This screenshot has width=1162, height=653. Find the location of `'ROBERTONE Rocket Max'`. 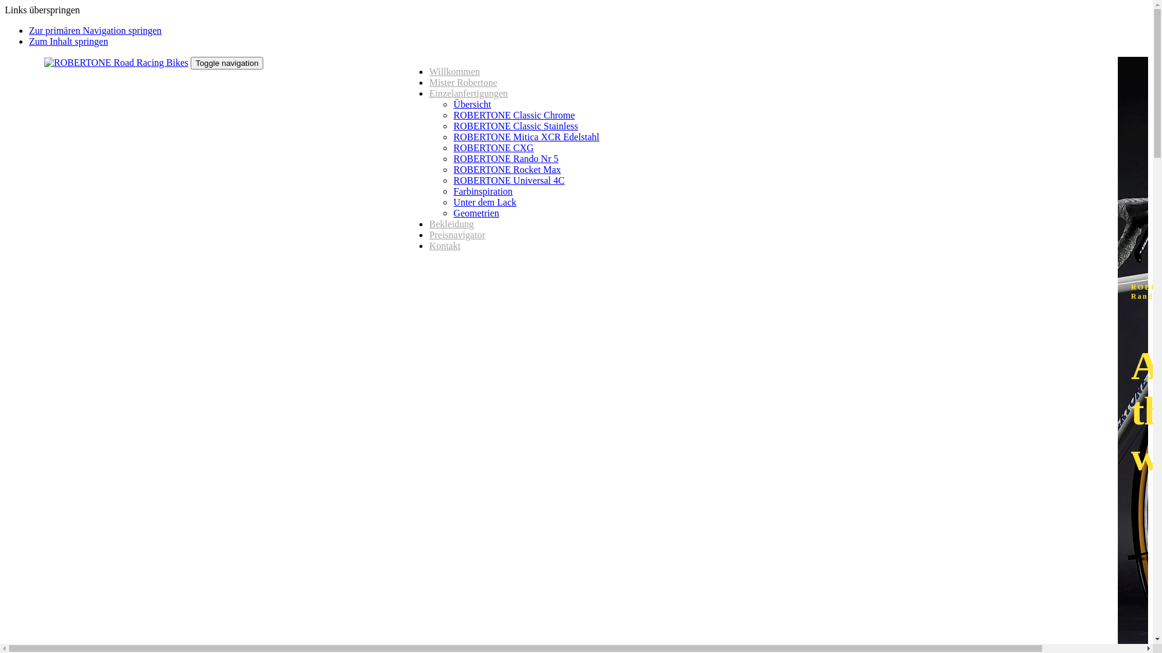

'ROBERTONE Rocket Max' is located at coordinates (507, 169).